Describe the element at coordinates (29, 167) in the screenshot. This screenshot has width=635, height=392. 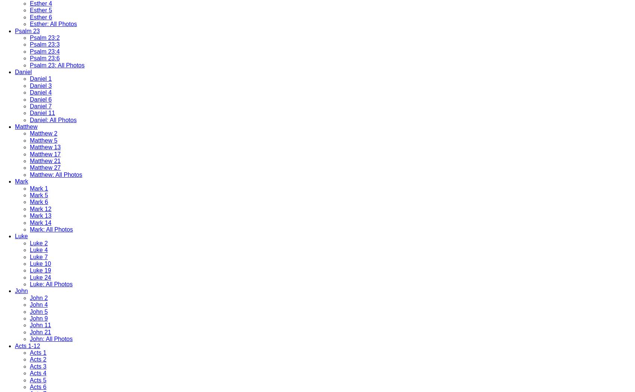
I see `'Matthew 27'` at that location.